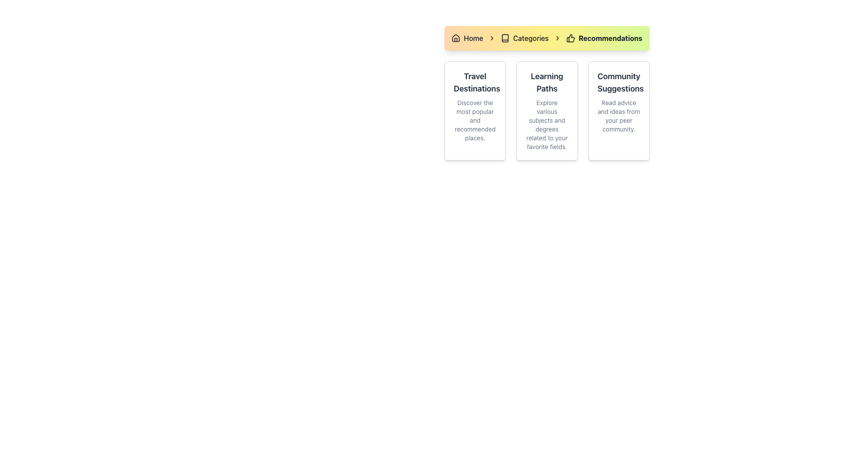 The width and height of the screenshot is (845, 475). Describe the element at coordinates (547, 110) in the screenshot. I see `the 'Learning Paths' informational card, which has a white background, bold title, and is the second card in a row of three within a grid layout` at that location.